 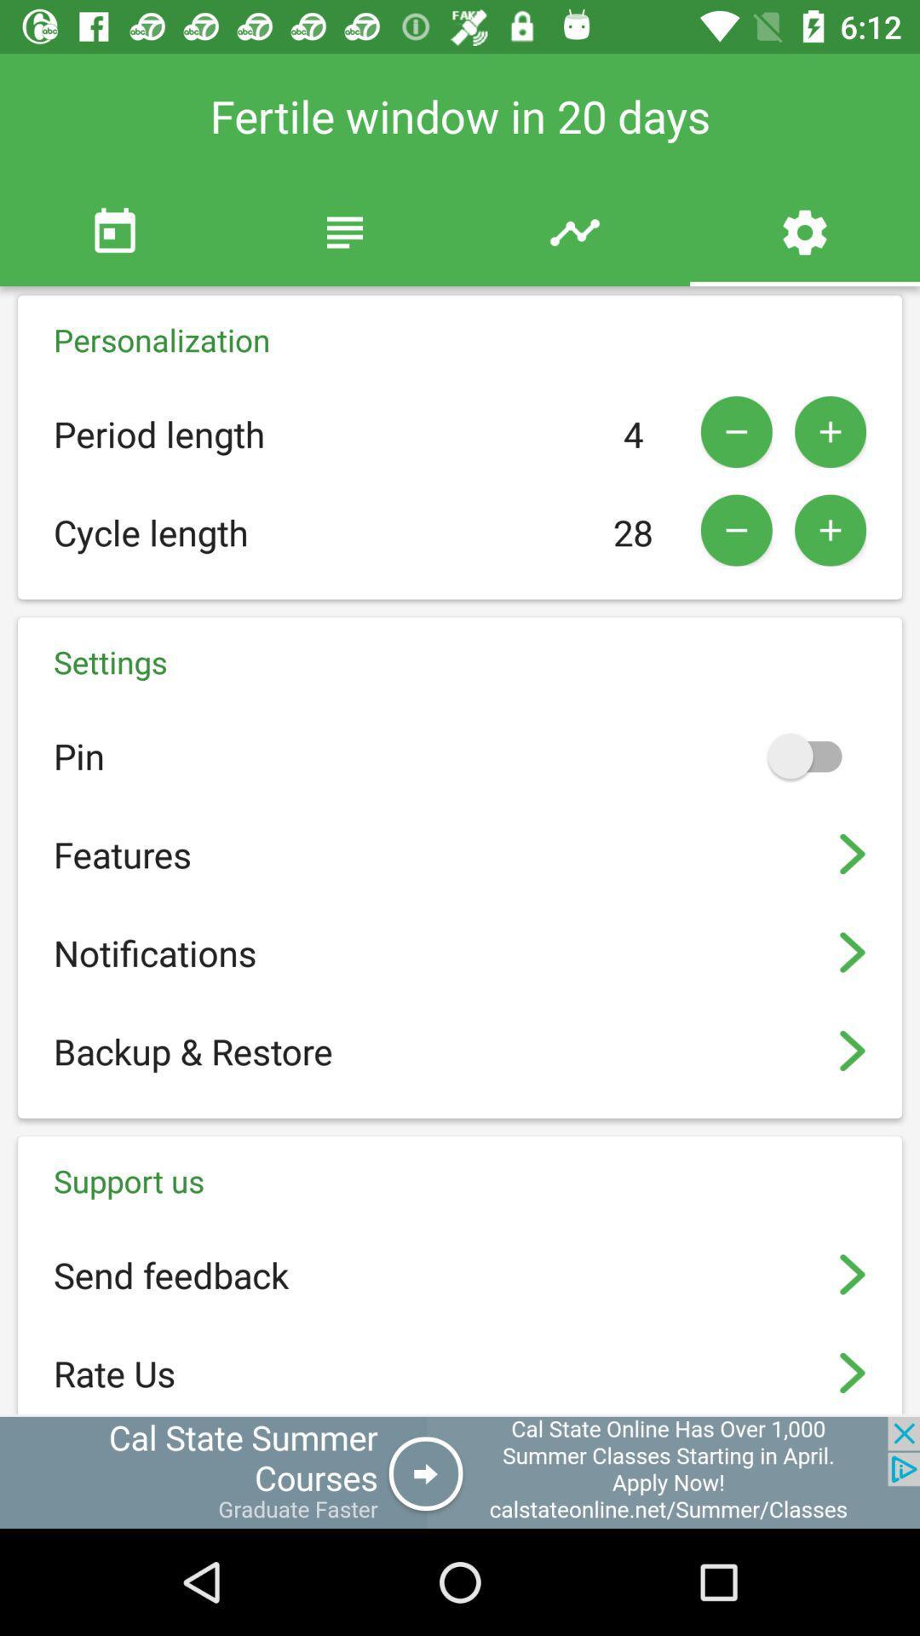 What do you see at coordinates (460, 1472) in the screenshot?
I see `advertisement` at bounding box center [460, 1472].